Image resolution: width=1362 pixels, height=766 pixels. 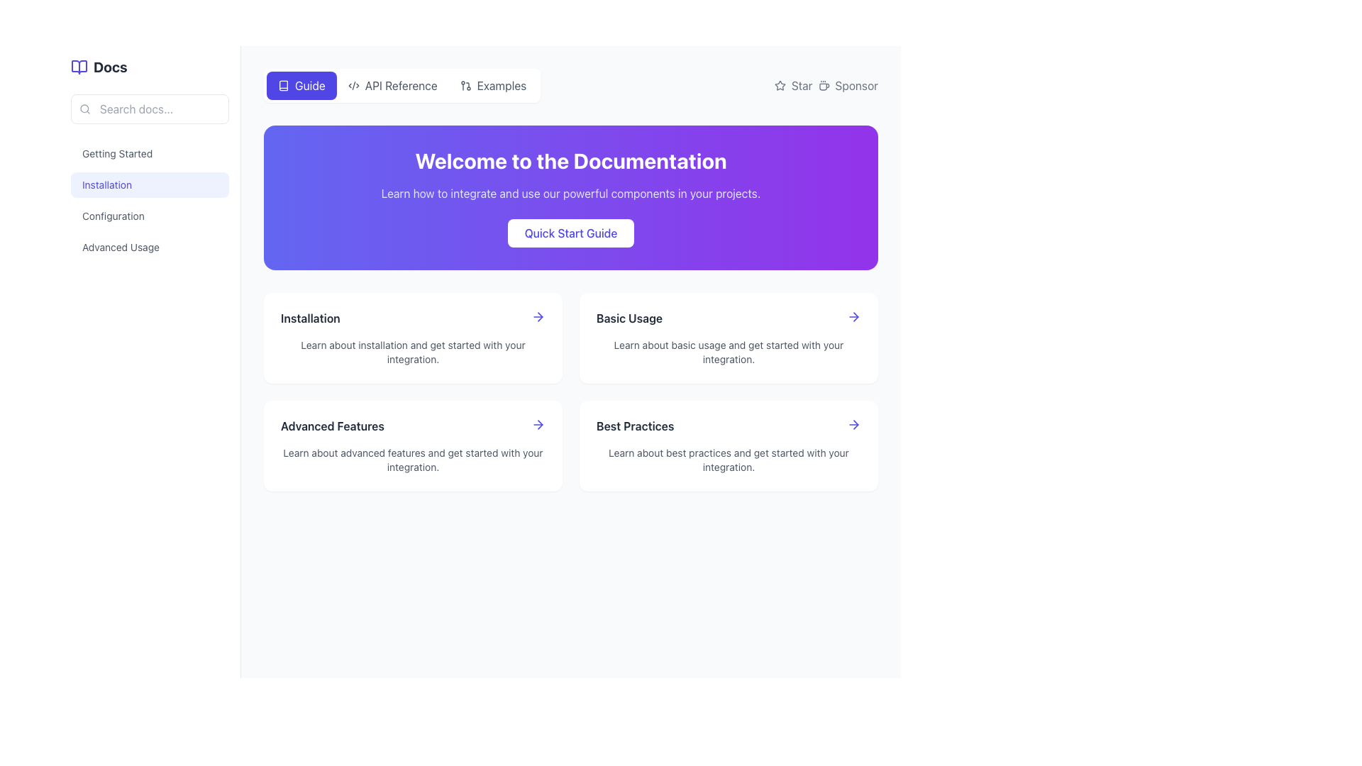 What do you see at coordinates (353, 85) in the screenshot?
I see `the 'API Reference' icon, which serves as a visual indicator for the API Reference module and is positioned to the left of the button labeled 'API Reference'` at bounding box center [353, 85].